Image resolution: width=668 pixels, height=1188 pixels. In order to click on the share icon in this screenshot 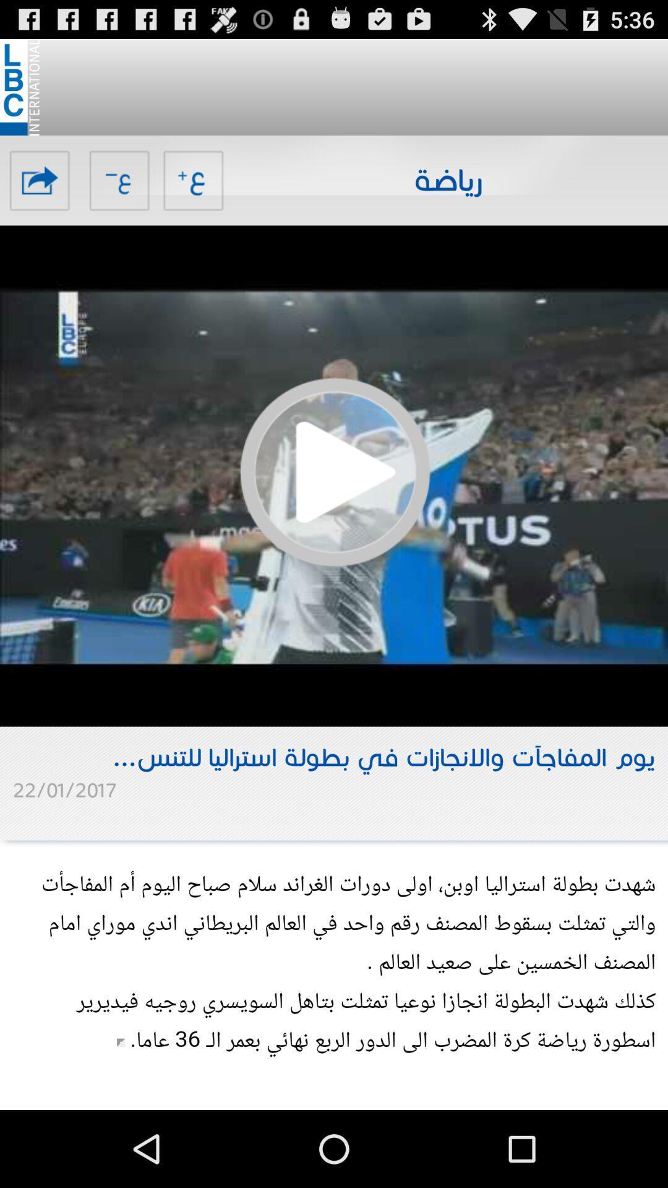, I will do `click(41, 192)`.